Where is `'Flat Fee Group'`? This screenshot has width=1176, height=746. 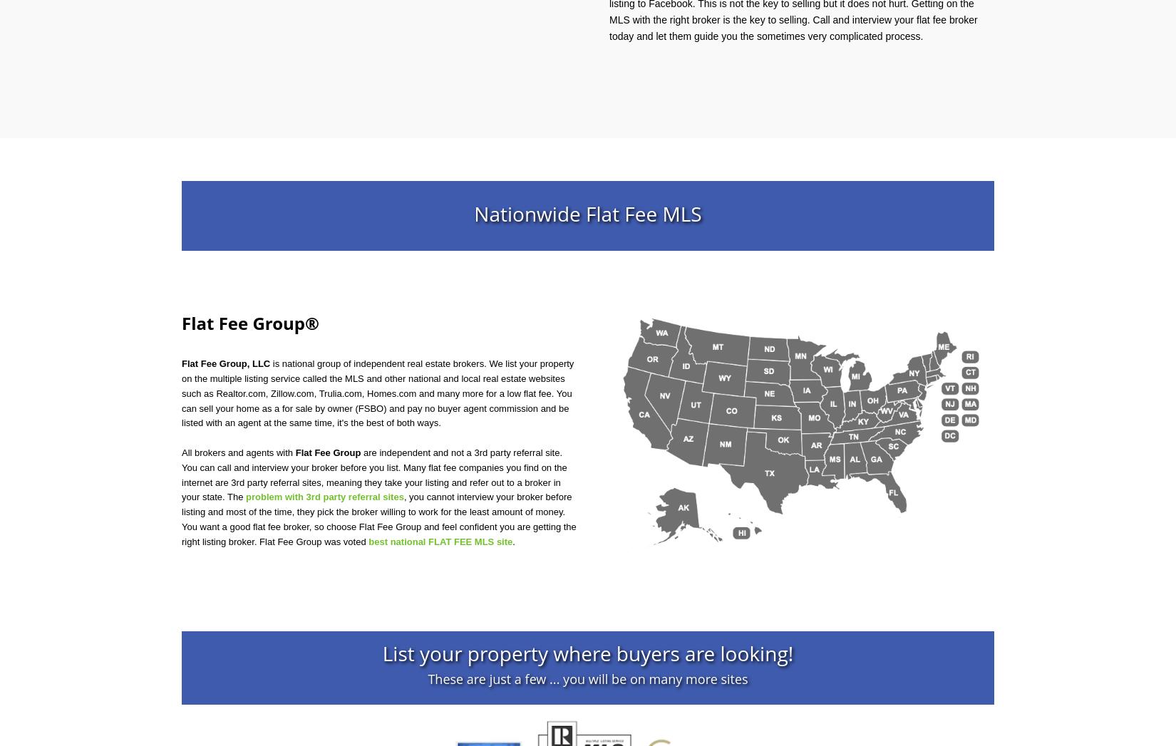
'Flat Fee Group' is located at coordinates (327, 452).